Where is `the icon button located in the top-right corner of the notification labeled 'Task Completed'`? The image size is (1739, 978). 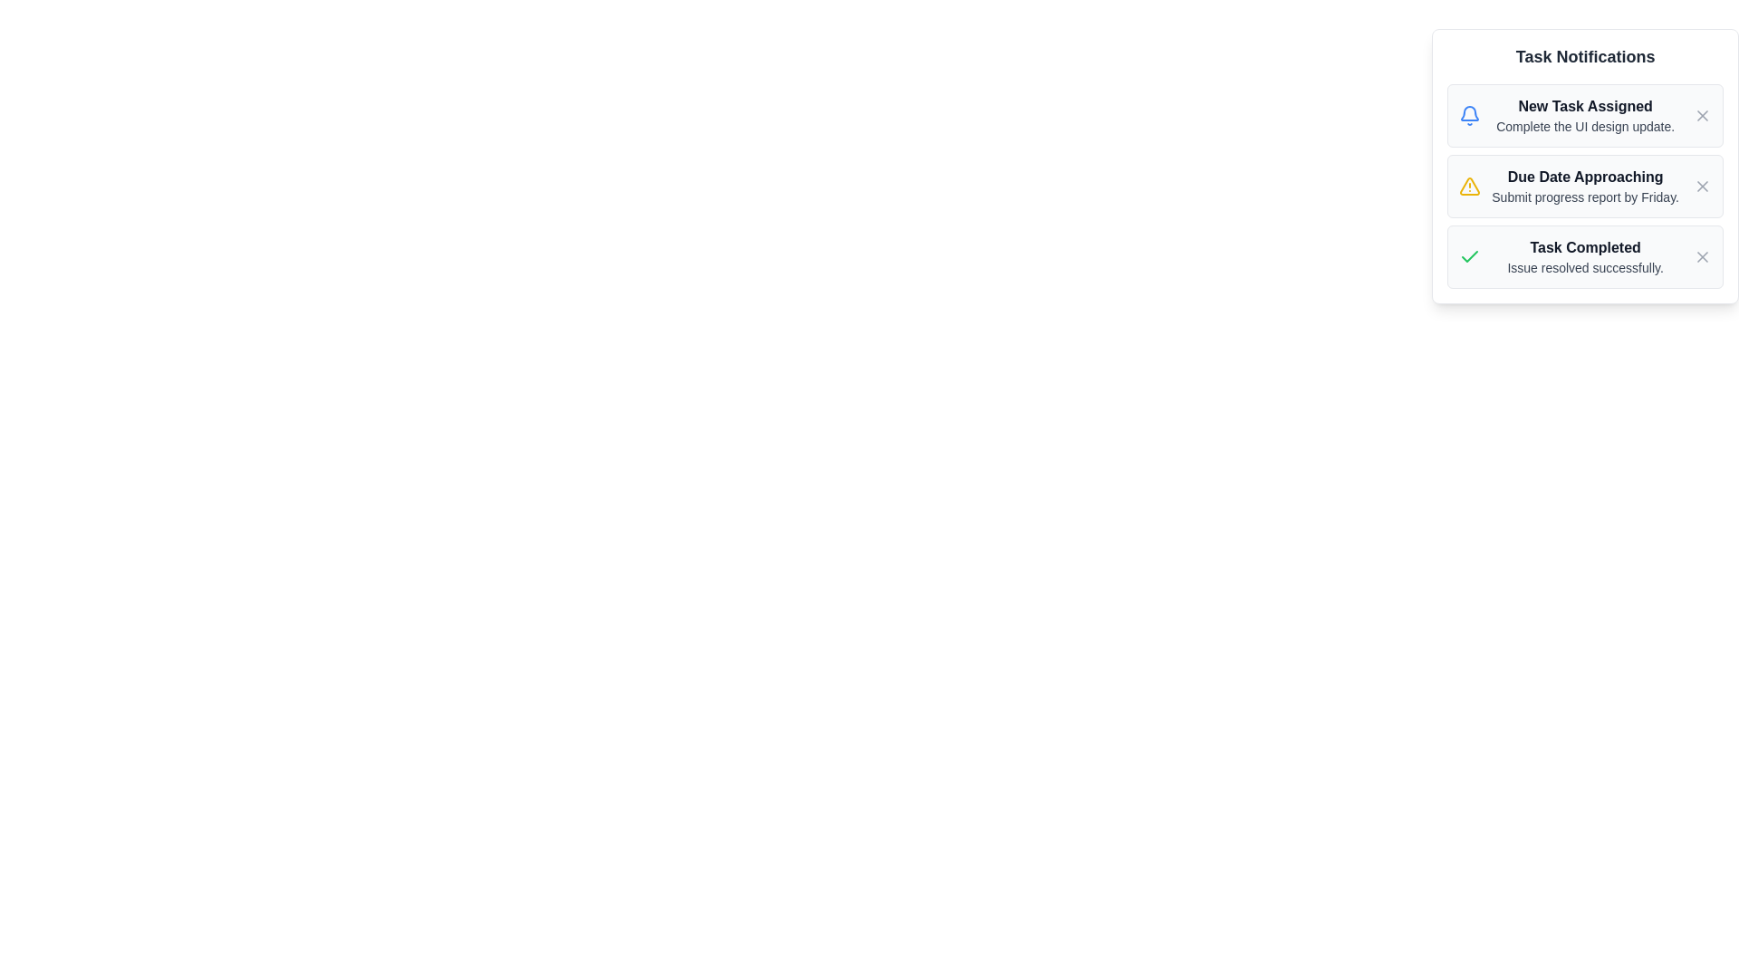
the icon button located in the top-right corner of the notification labeled 'Task Completed' is located at coordinates (1702, 257).